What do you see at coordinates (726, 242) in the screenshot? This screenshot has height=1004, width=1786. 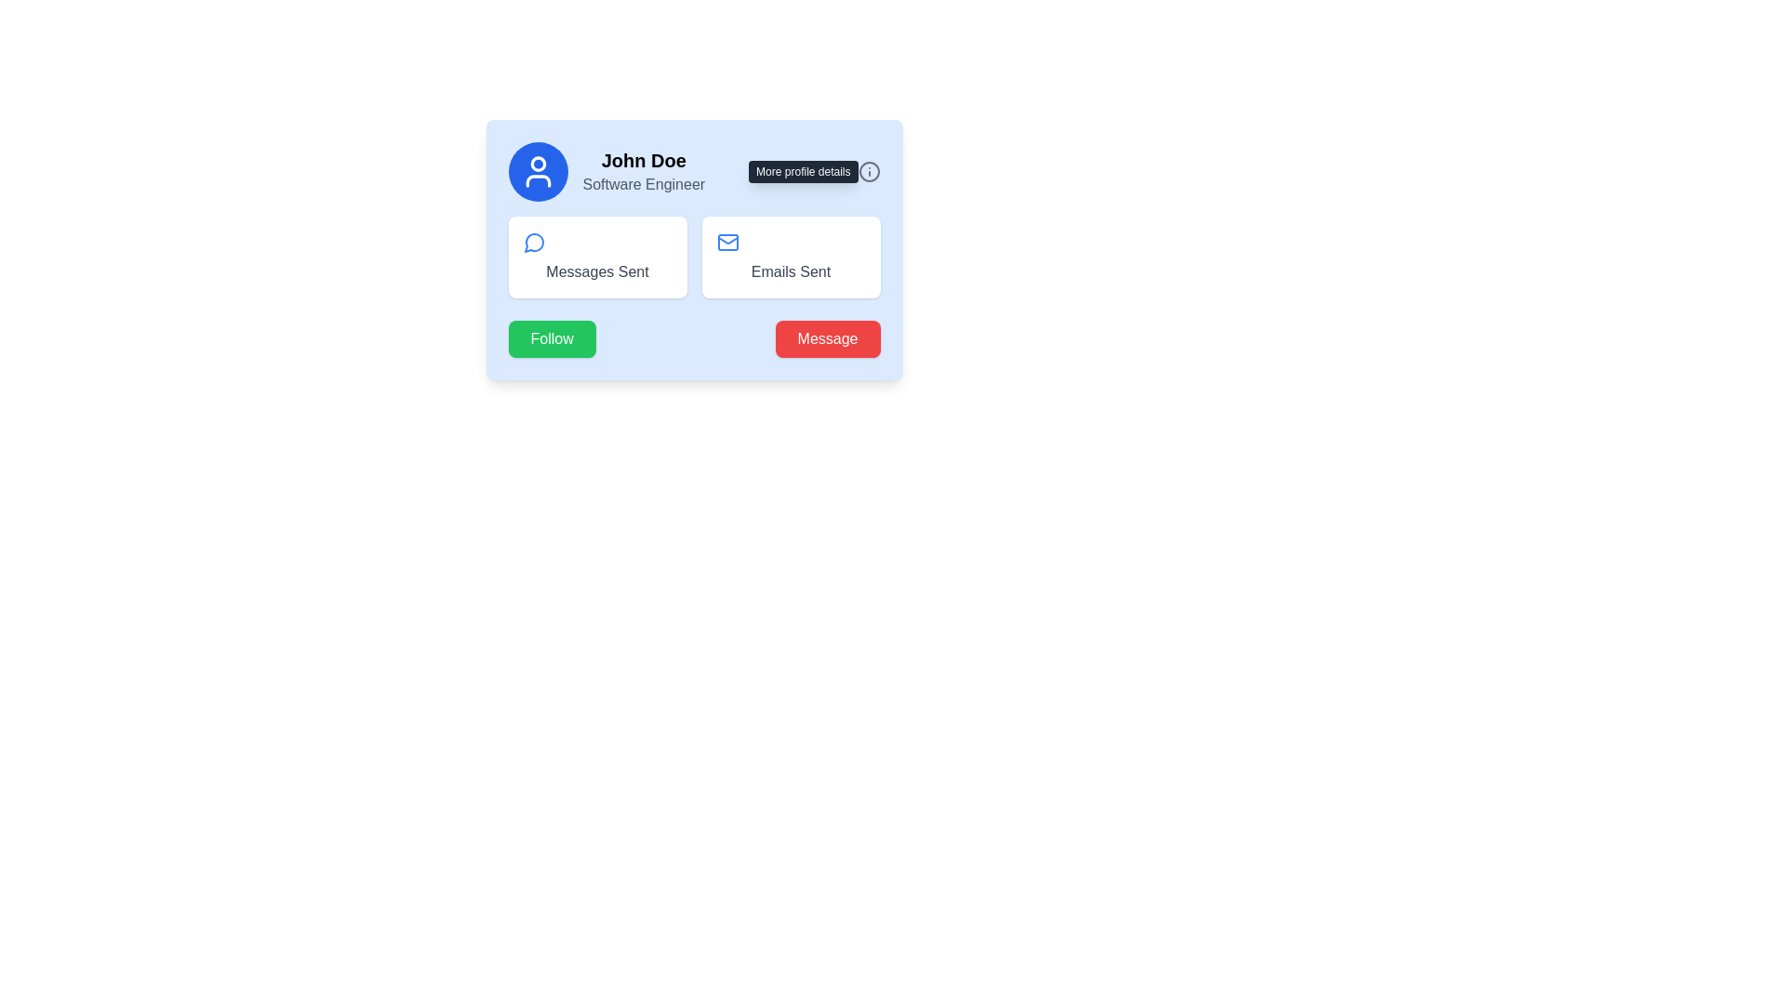 I see `the Decorative Element, which is a white rectangular shape with rounded corners framed inside a blue envelope icon, located in the center of the envelope` at bounding box center [726, 242].